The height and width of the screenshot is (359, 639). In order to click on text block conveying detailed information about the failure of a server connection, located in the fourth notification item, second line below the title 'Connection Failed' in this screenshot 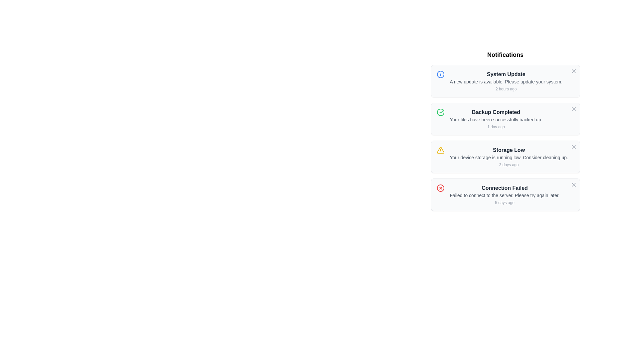, I will do `click(505, 195)`.